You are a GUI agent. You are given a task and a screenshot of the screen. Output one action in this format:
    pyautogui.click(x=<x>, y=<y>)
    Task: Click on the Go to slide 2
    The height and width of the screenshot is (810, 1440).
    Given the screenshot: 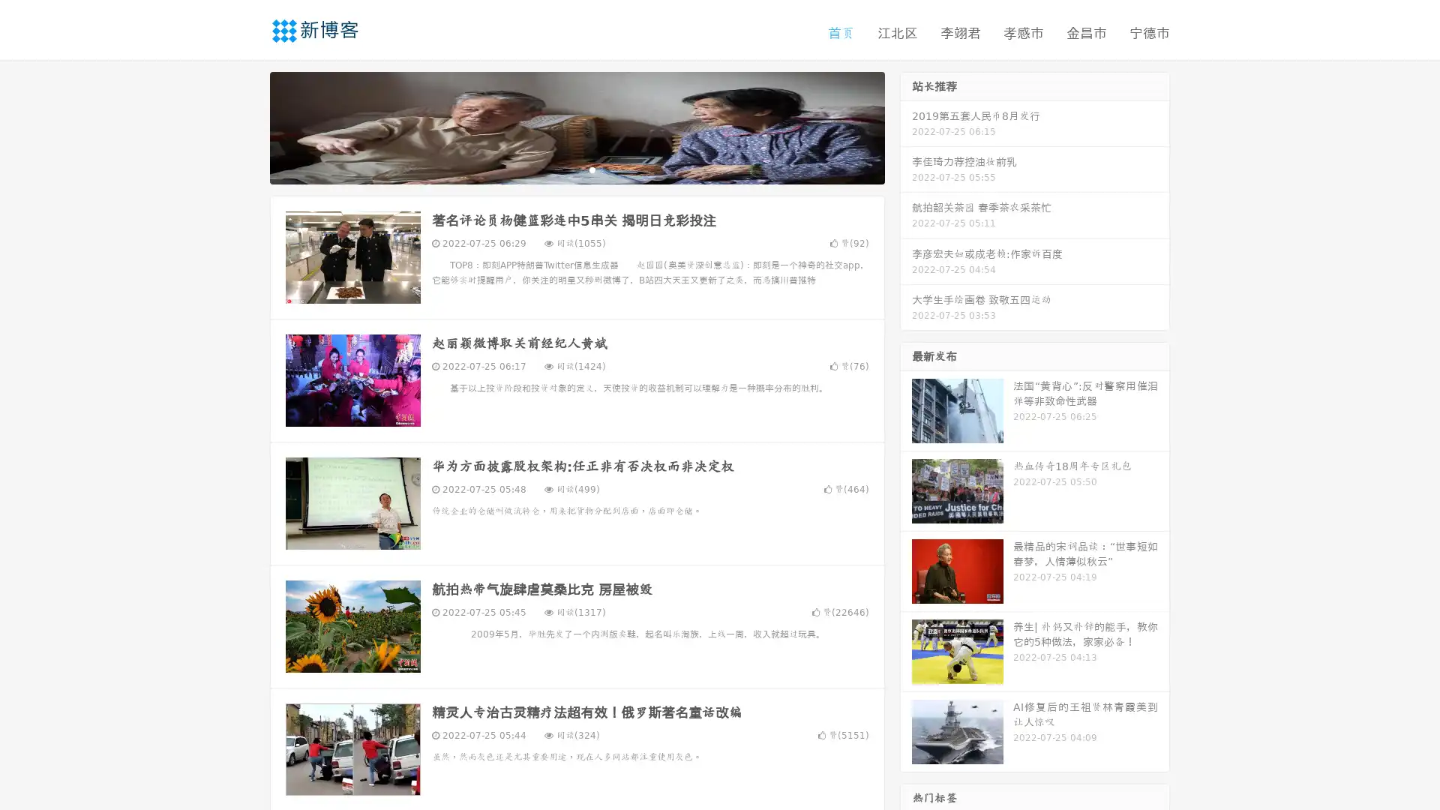 What is the action you would take?
    pyautogui.click(x=576, y=169)
    